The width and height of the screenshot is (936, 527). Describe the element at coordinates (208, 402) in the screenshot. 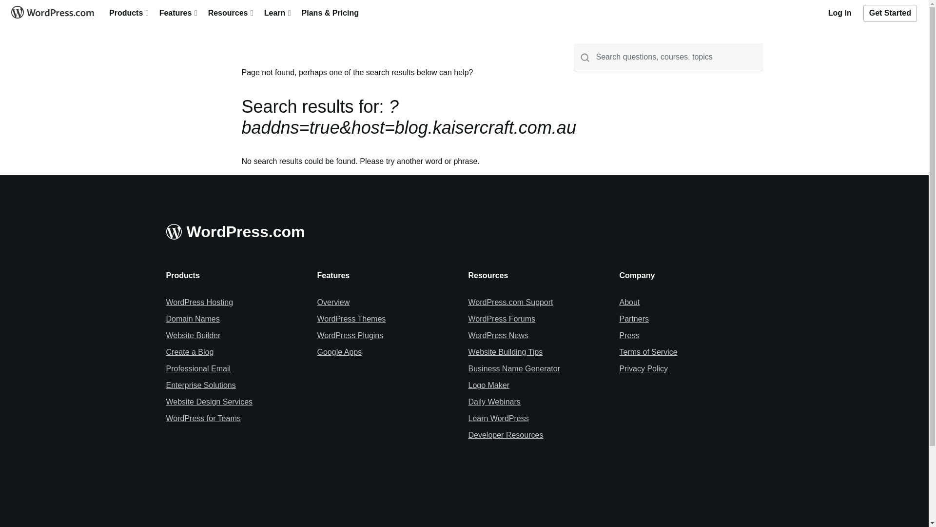

I see `'Website Design Services'` at that location.